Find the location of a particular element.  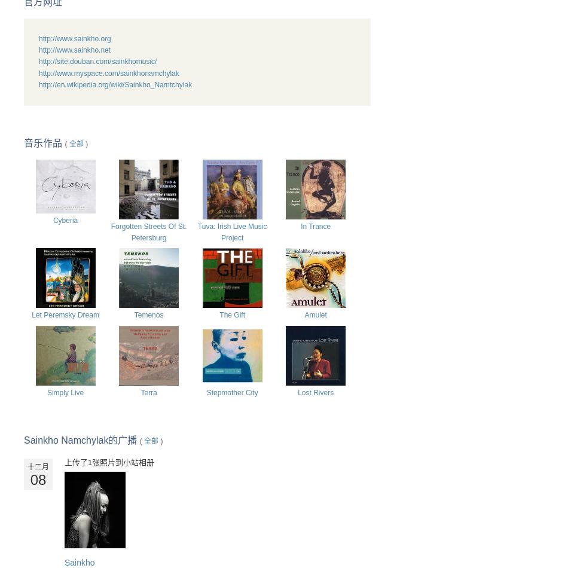

'Lost Rivers' is located at coordinates (315, 392).